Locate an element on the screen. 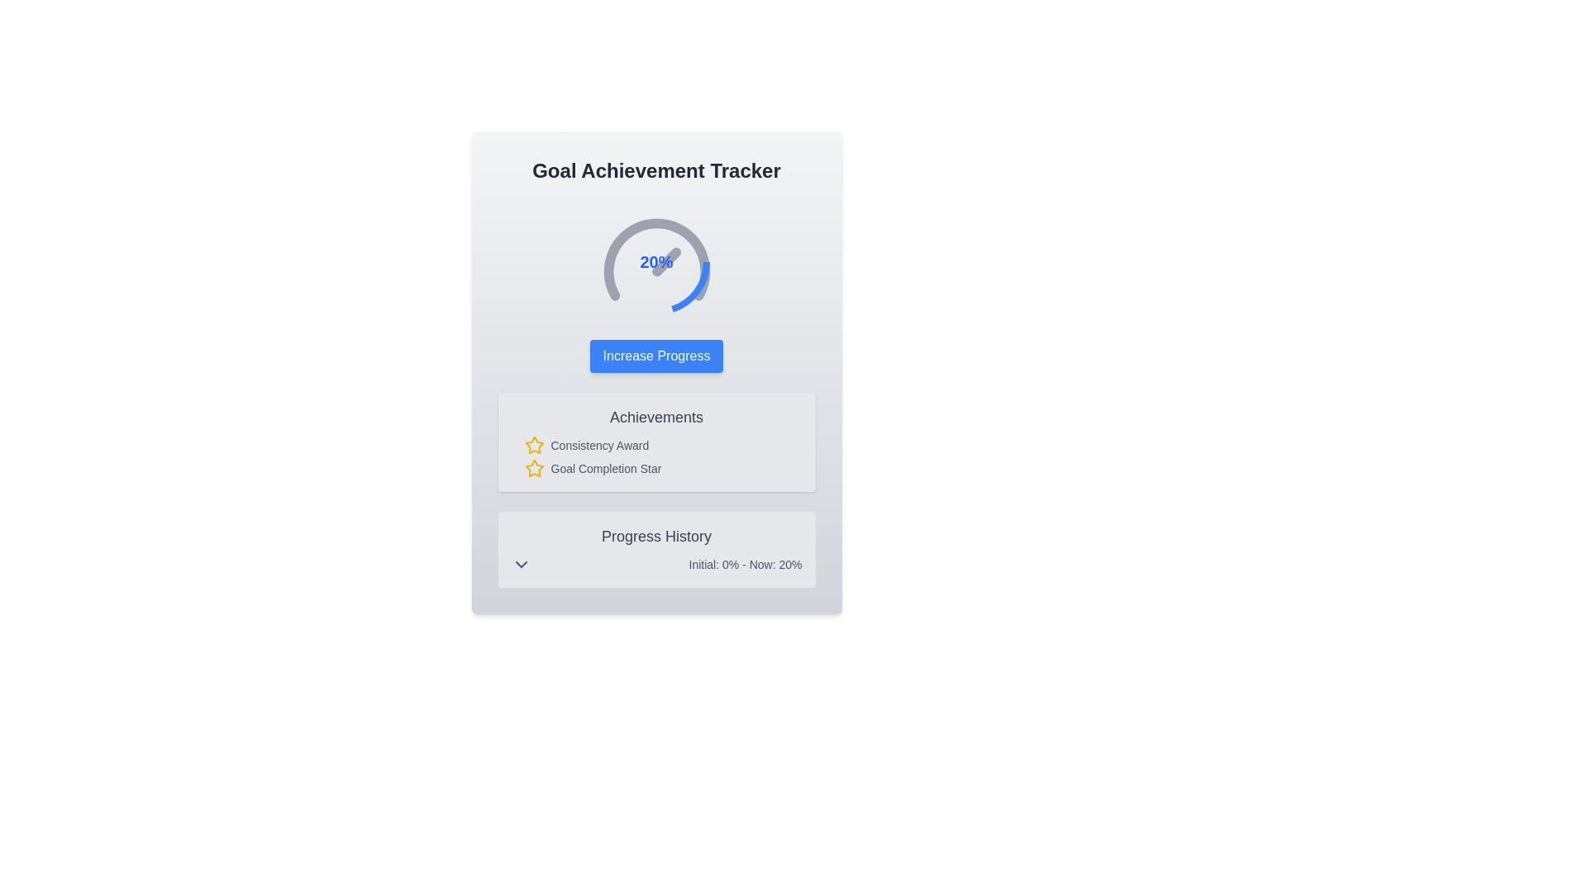 The image size is (1587, 893). the Circular Progress Indicator located at the center of the 'Goal Achievement Tracker' section, positioned above the 'Increase Progress' button is located at coordinates (655, 260).